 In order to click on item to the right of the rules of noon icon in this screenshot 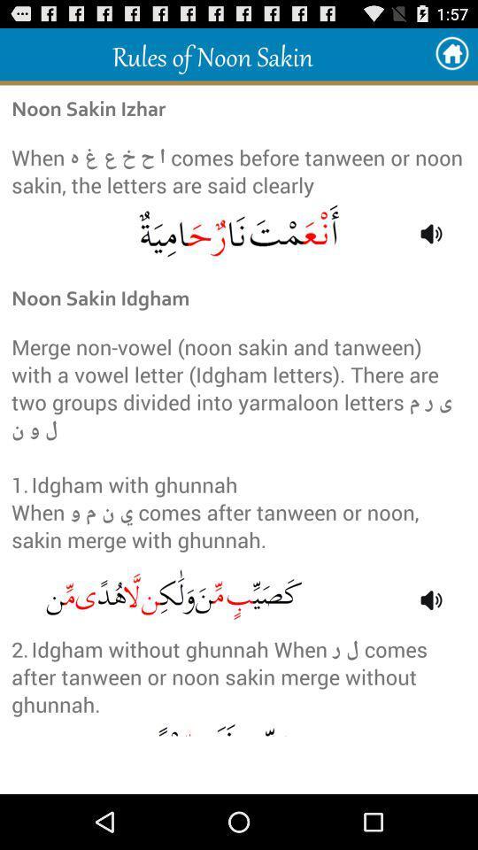, I will do `click(451, 54)`.